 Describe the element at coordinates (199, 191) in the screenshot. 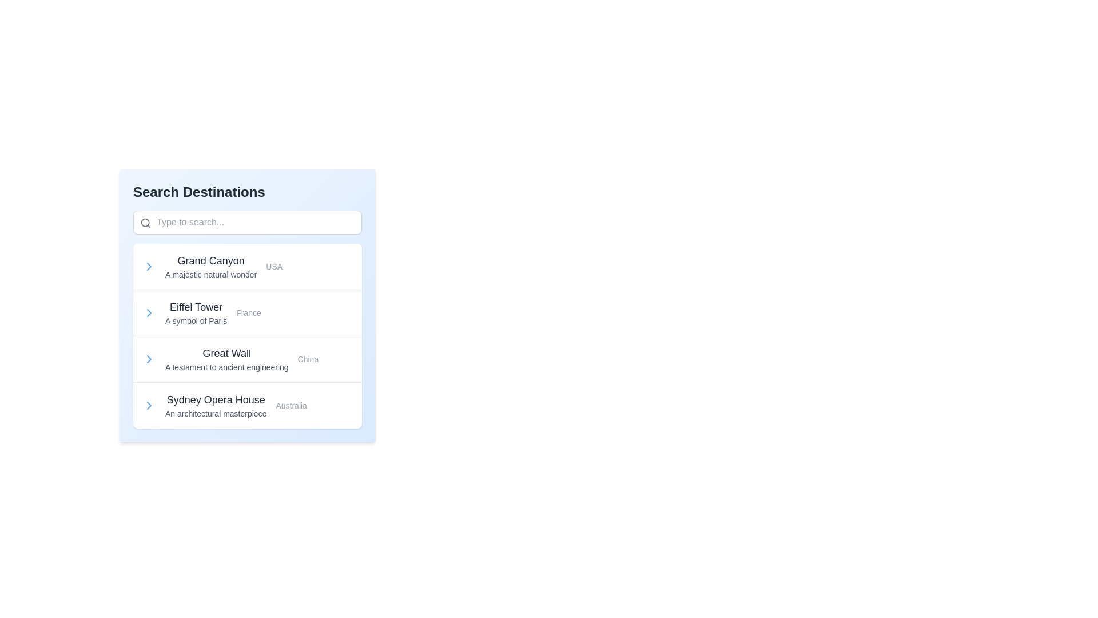

I see `the static heading text label that provides context and information about the section below it, which is centrally aligned above the search input field` at that location.